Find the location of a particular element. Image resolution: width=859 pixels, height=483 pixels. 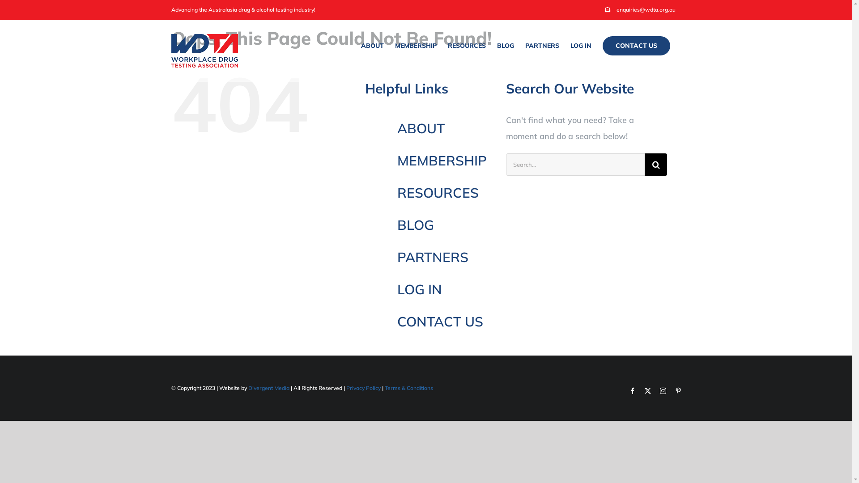

'MEMBERSHIP' is located at coordinates (442, 160).